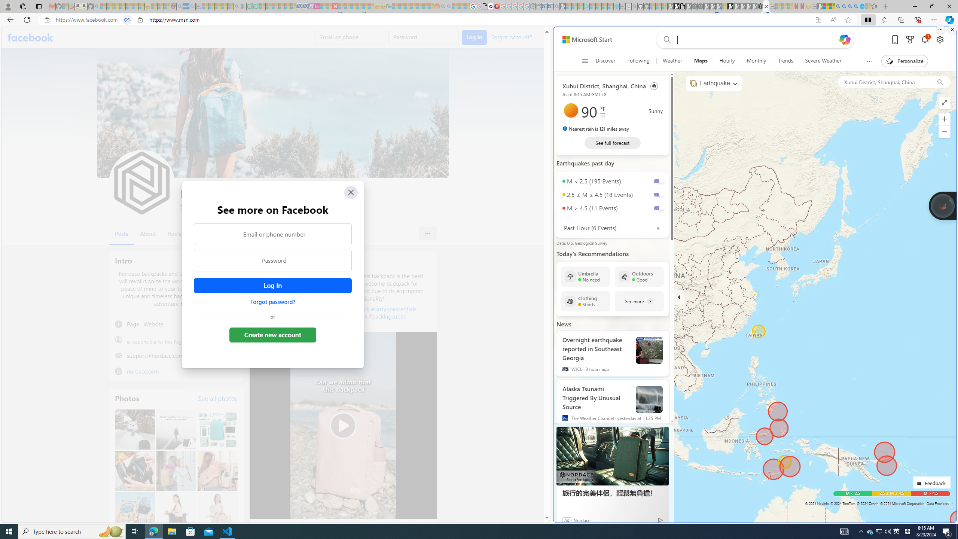 The height and width of the screenshot is (539, 958). Describe the element at coordinates (931, 482) in the screenshot. I see `'Feedback'` at that location.